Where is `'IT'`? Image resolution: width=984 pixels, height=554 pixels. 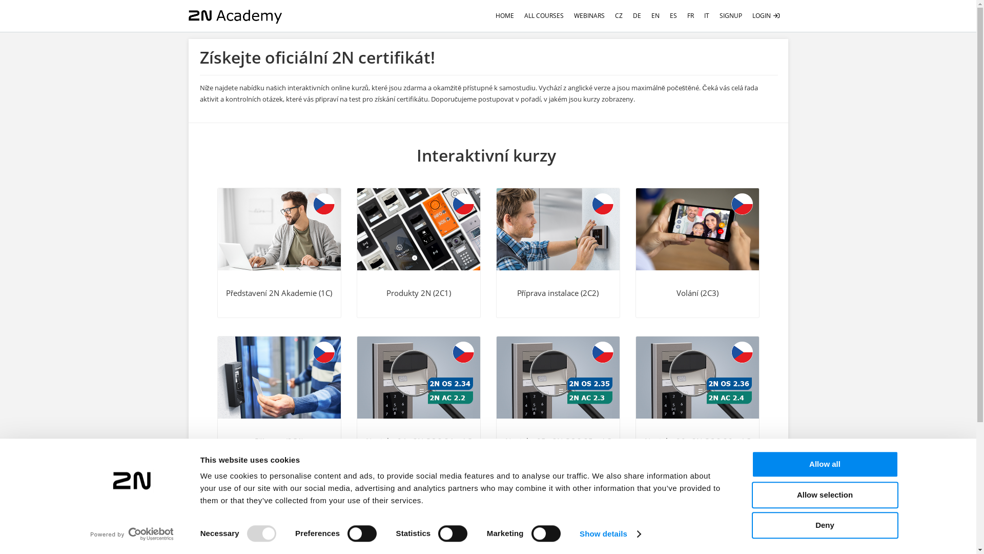
'IT' is located at coordinates (698, 15).